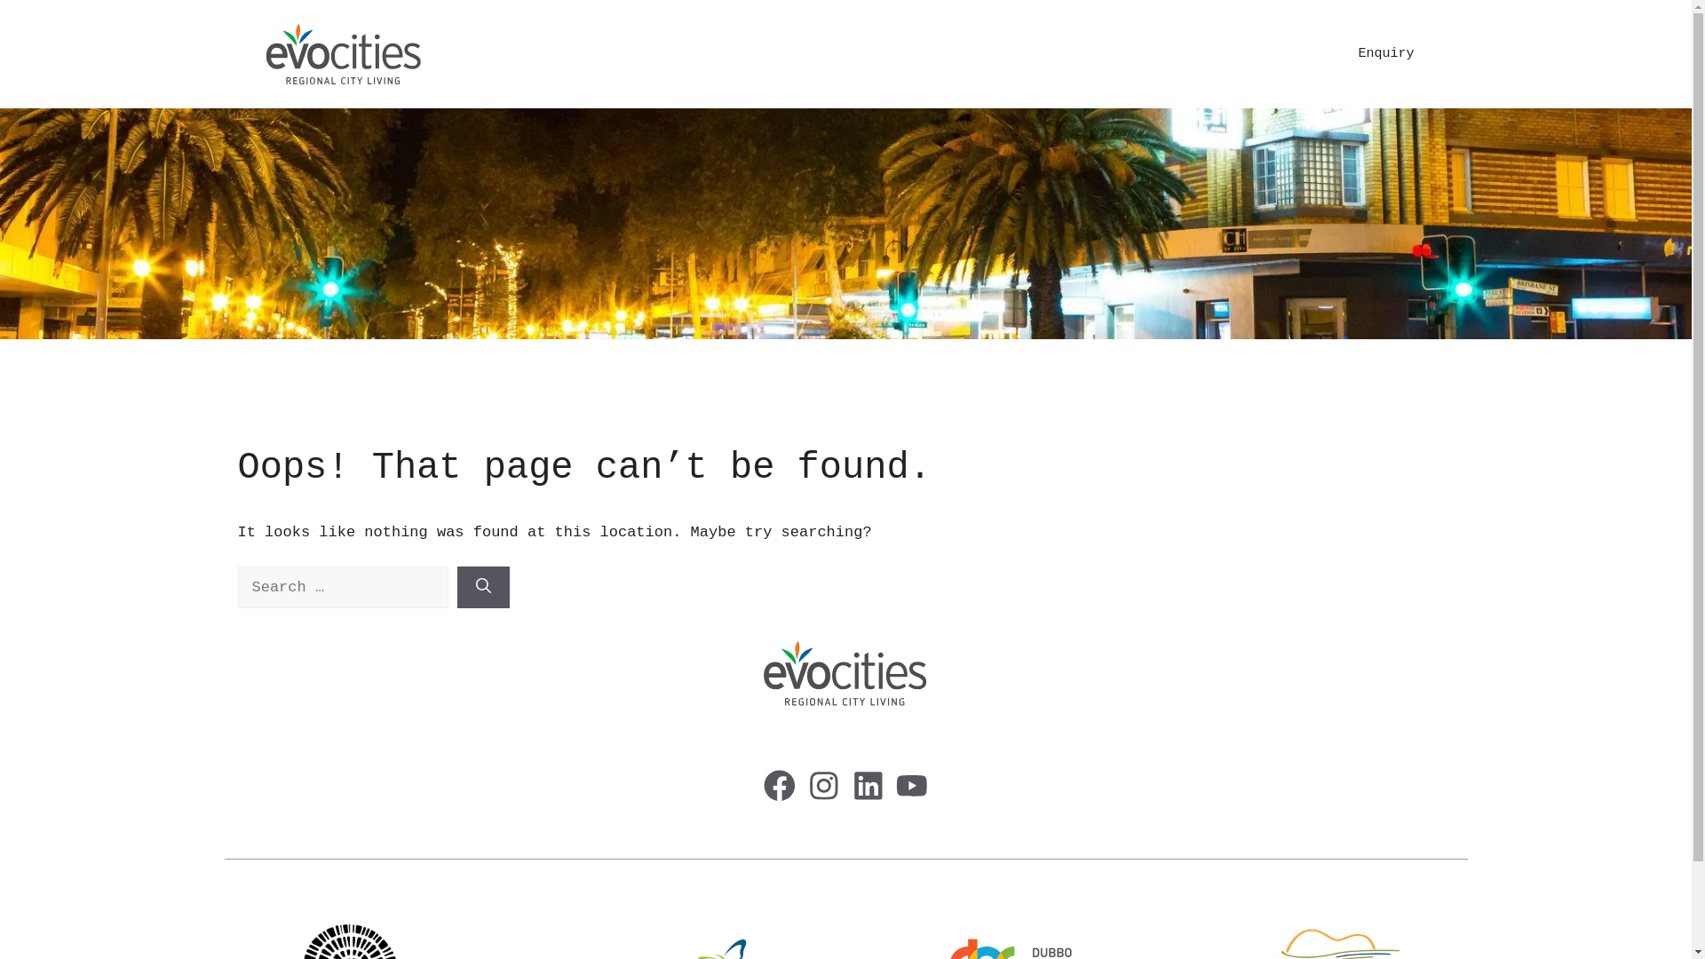  I want to click on 'Evocities', so click(344, 53).